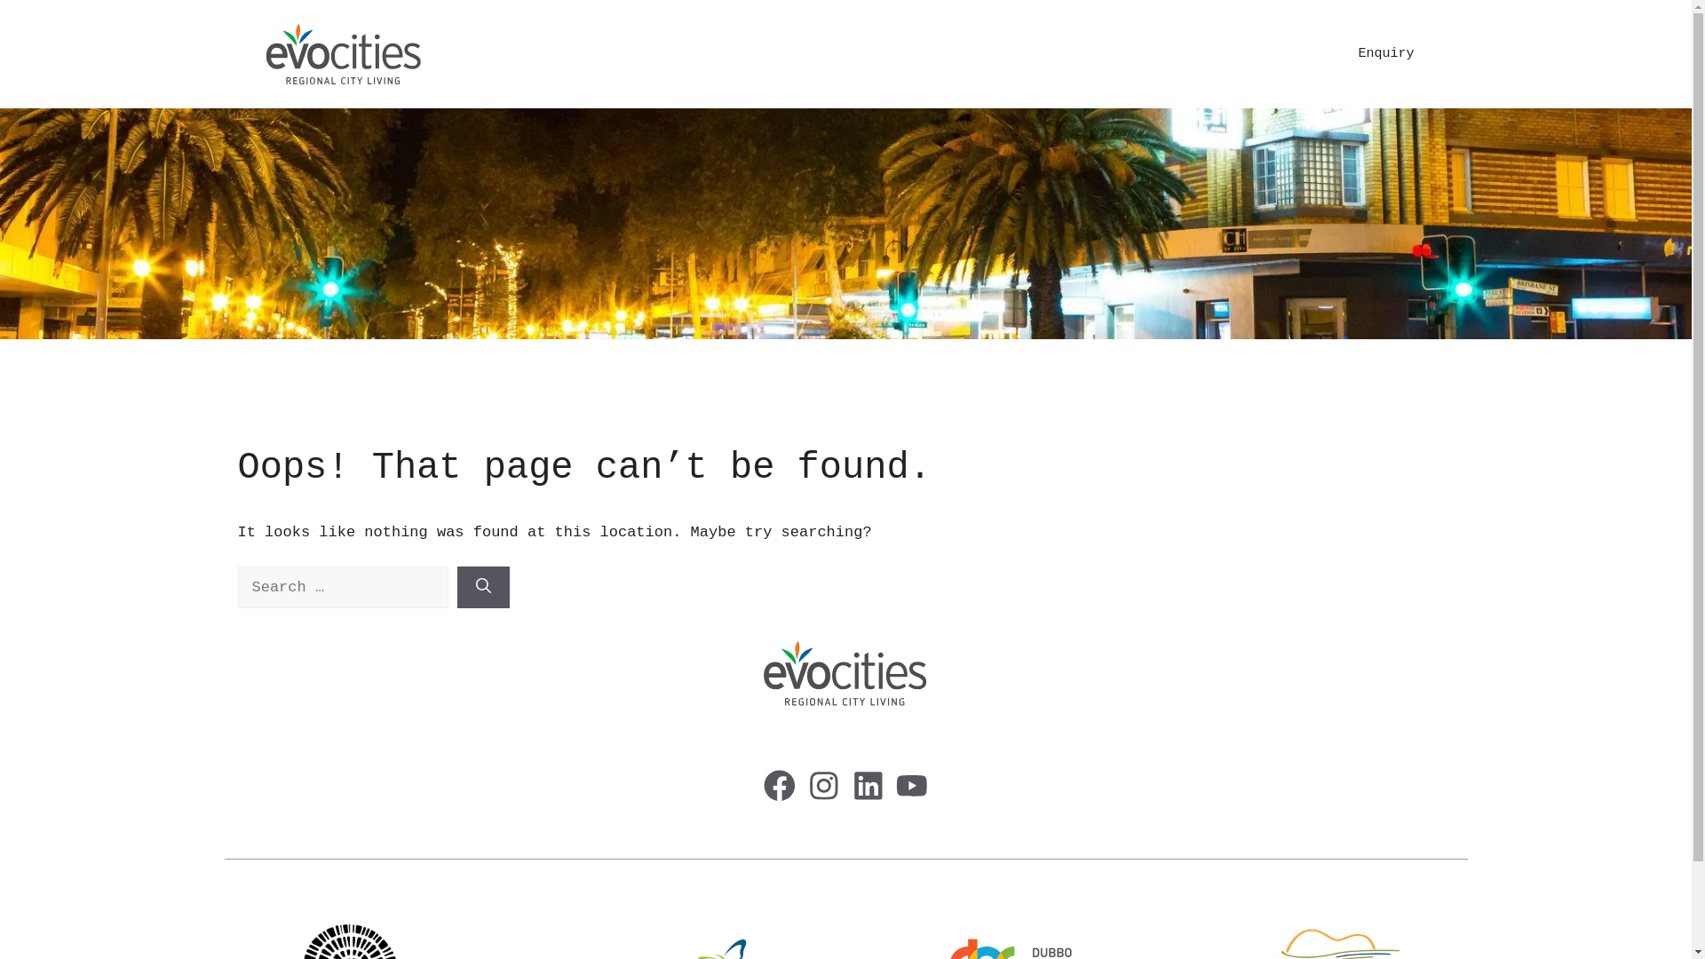  I want to click on 'Evocities', so click(344, 53).